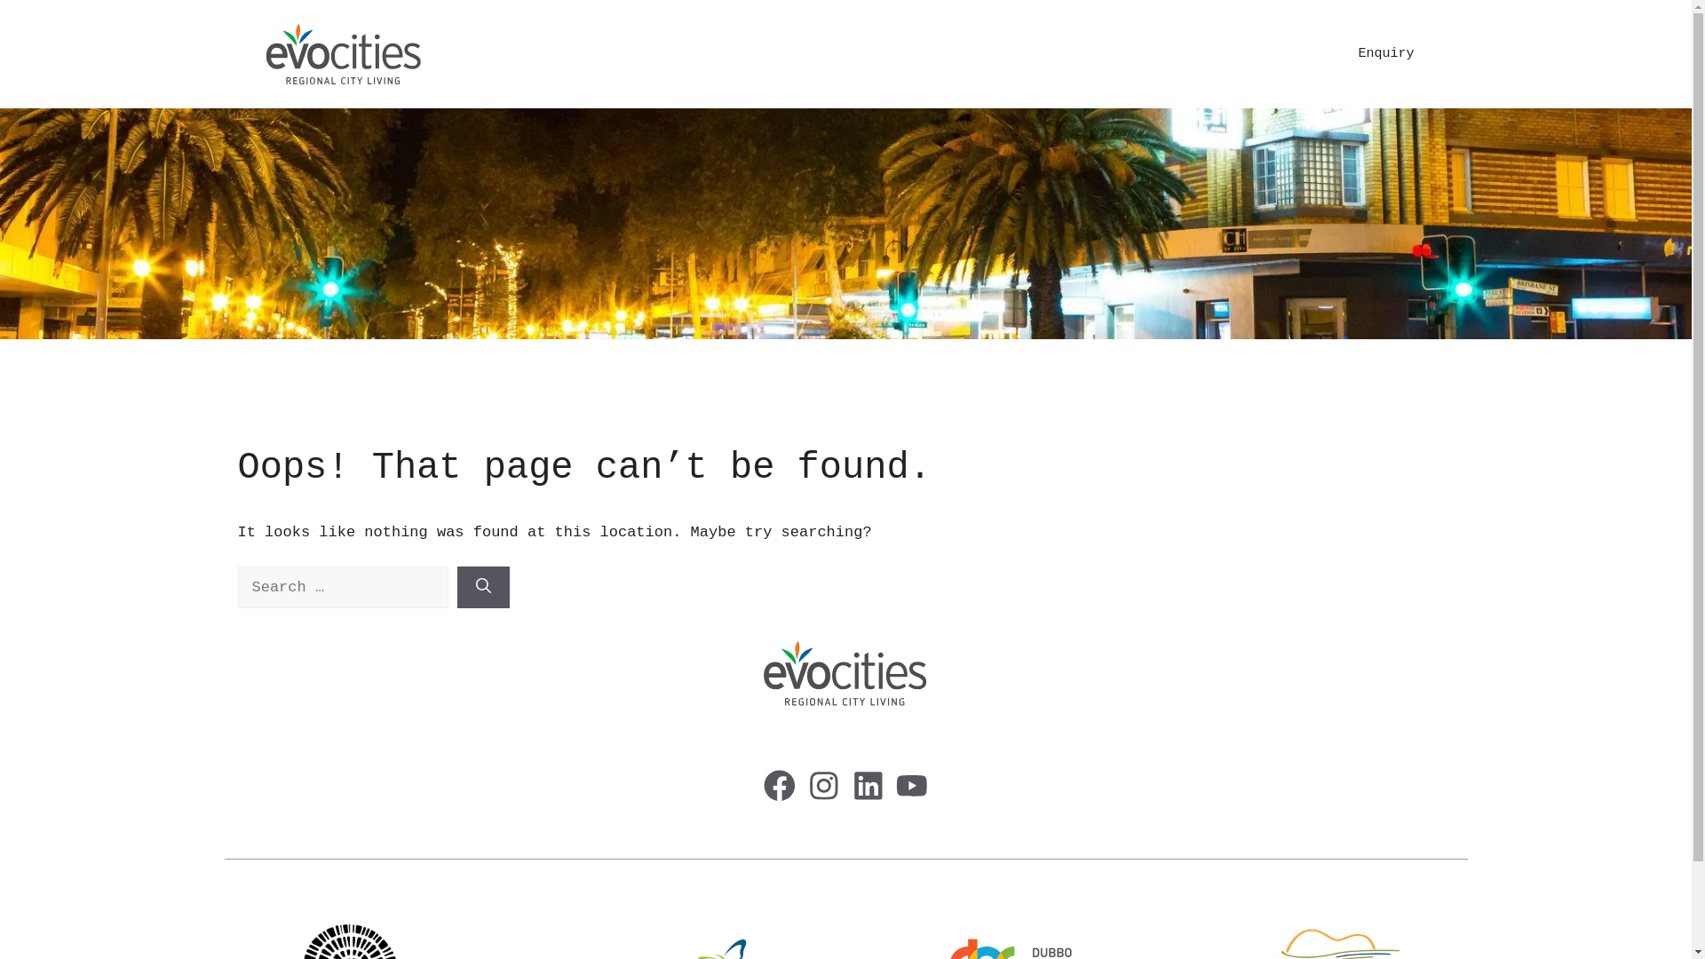  I want to click on 'Evocities', so click(344, 53).